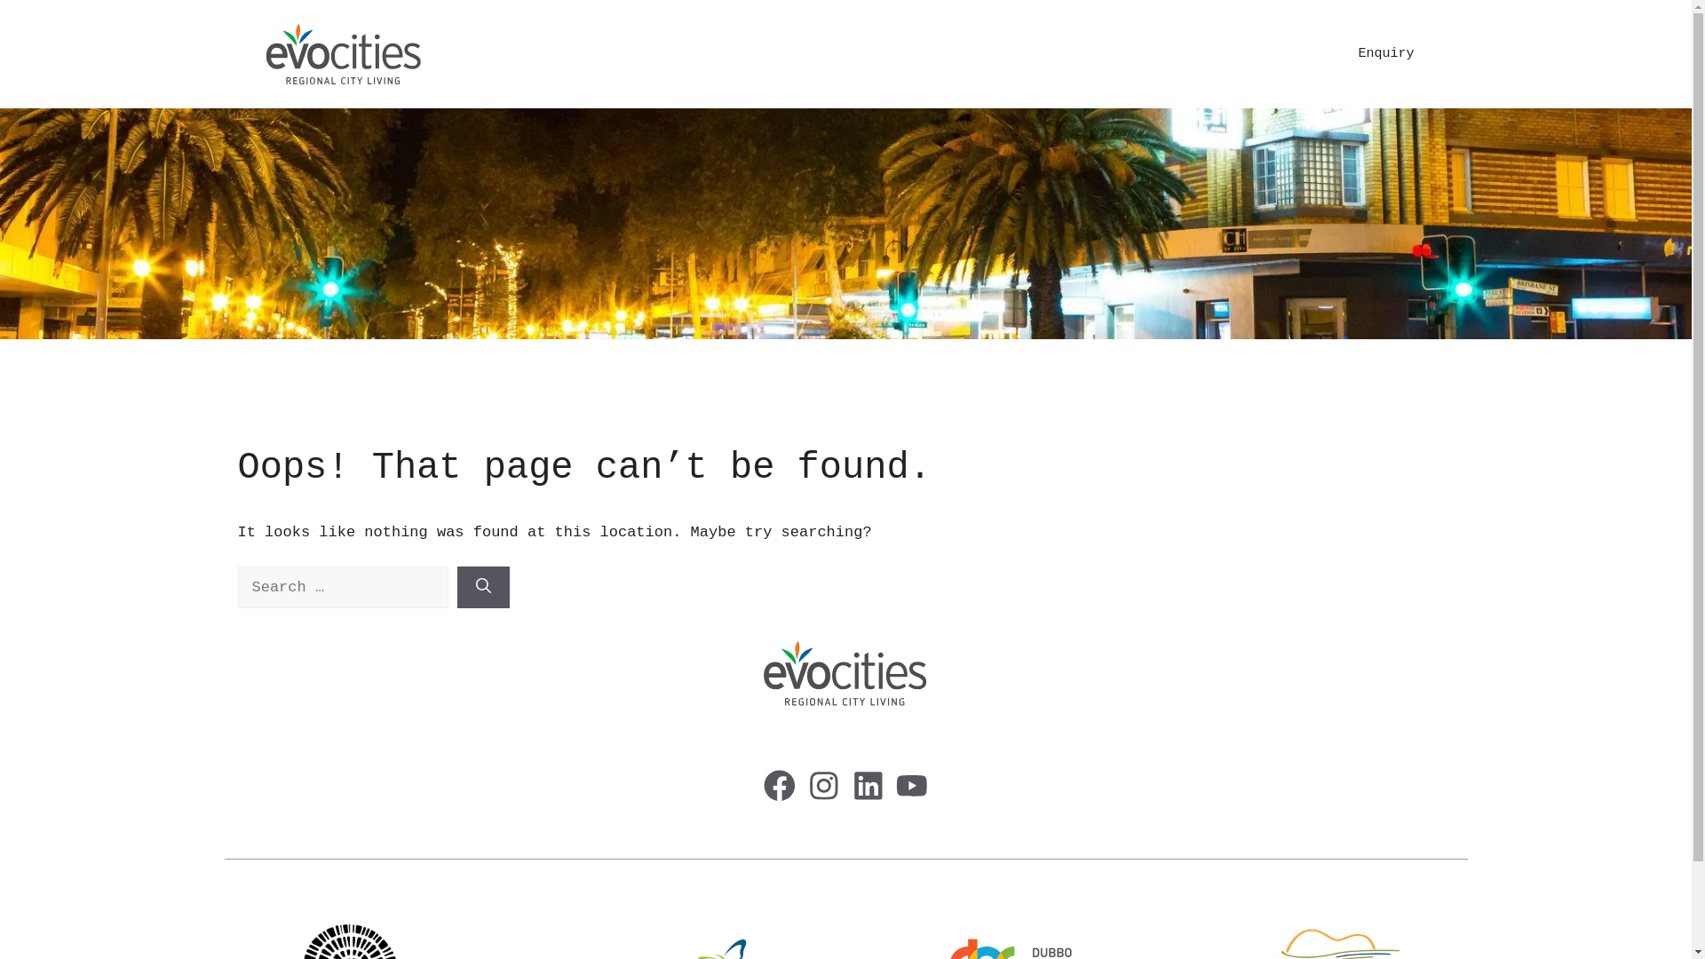  I want to click on 'Evocities', so click(344, 53).